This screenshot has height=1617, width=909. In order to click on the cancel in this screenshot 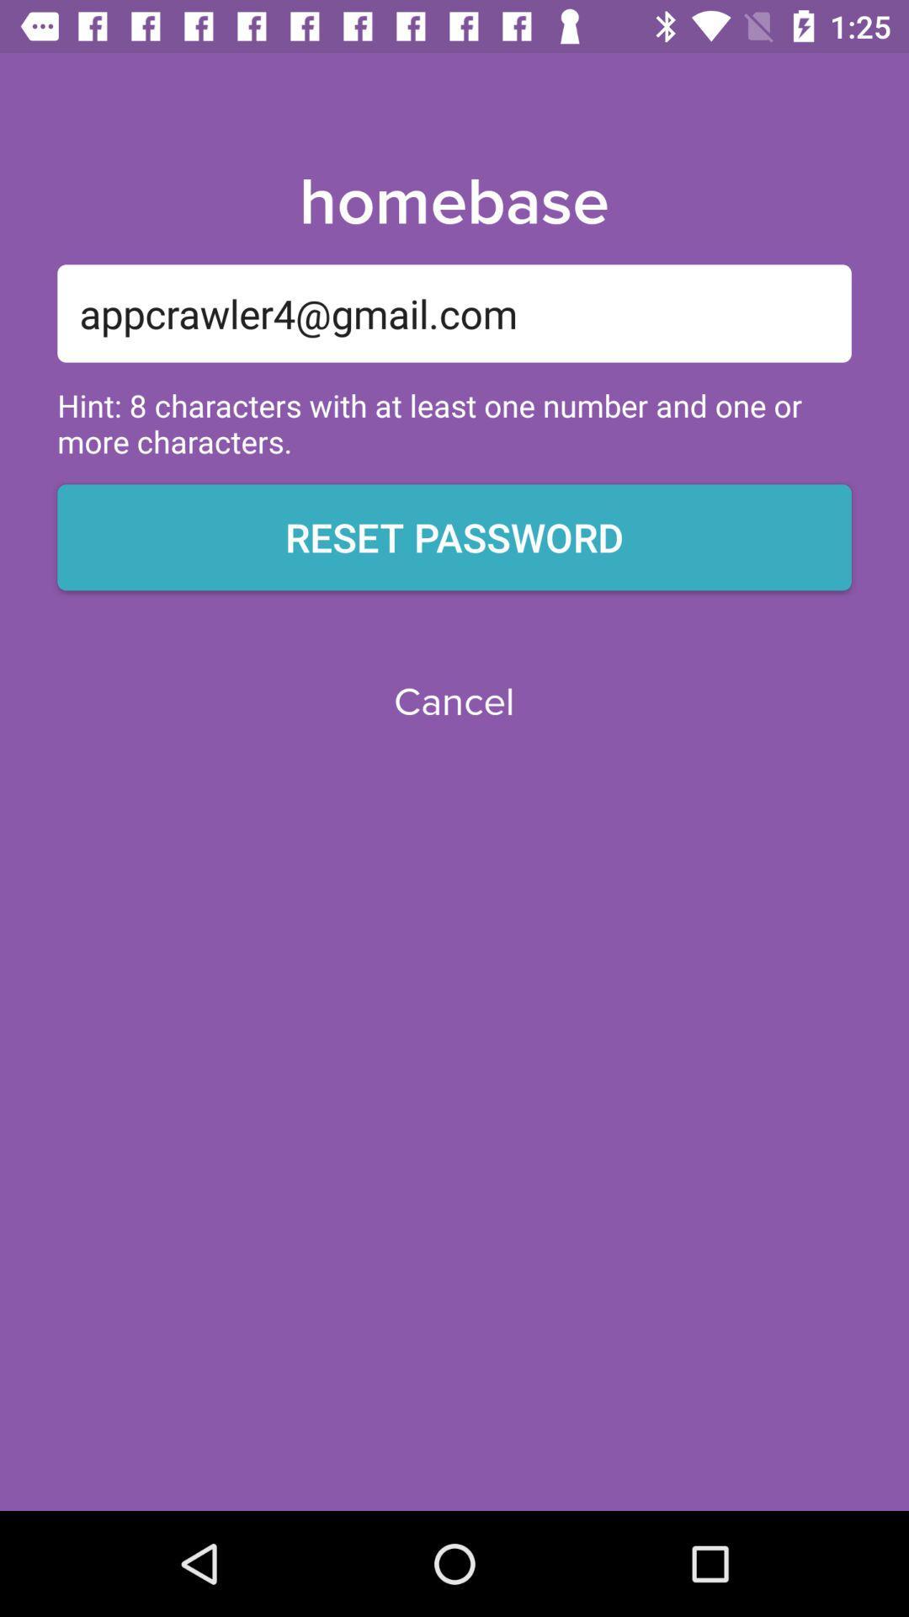, I will do `click(453, 702)`.